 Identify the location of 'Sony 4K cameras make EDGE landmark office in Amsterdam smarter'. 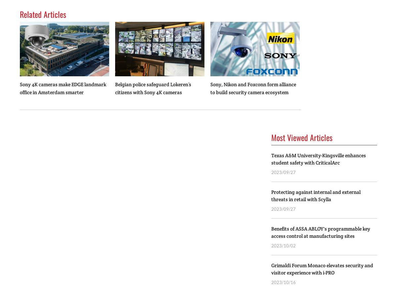
(63, 88).